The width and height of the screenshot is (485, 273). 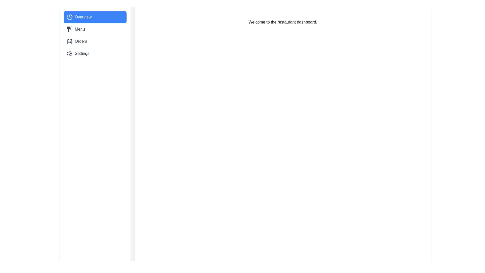 What do you see at coordinates (82, 54) in the screenshot?
I see `the Text label that acts as a descriptor for the menu item that opens the Settings page, located at the bottom of the vertical navigation menu, below the 'Orders' menu item` at bounding box center [82, 54].